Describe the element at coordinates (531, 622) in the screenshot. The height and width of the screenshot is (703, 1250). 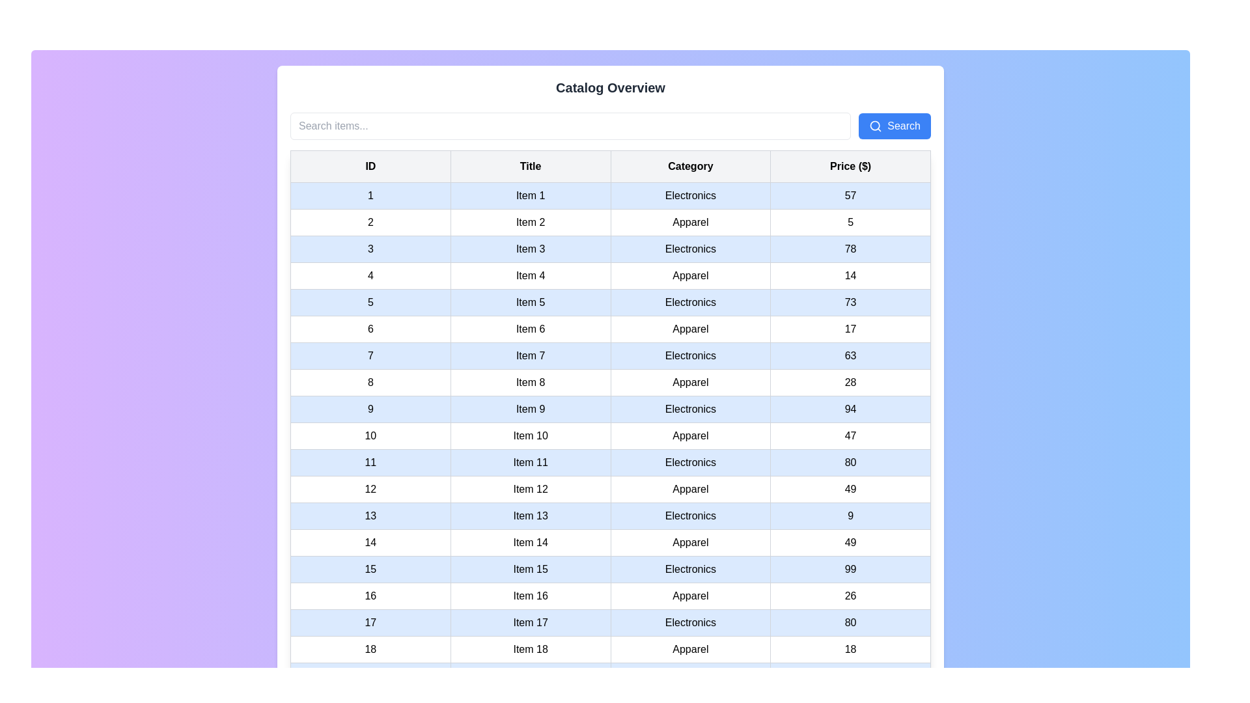
I see `the table cell in the second column of the row labeled '17', which serves as a label or identifier for a specific item in the list` at that location.